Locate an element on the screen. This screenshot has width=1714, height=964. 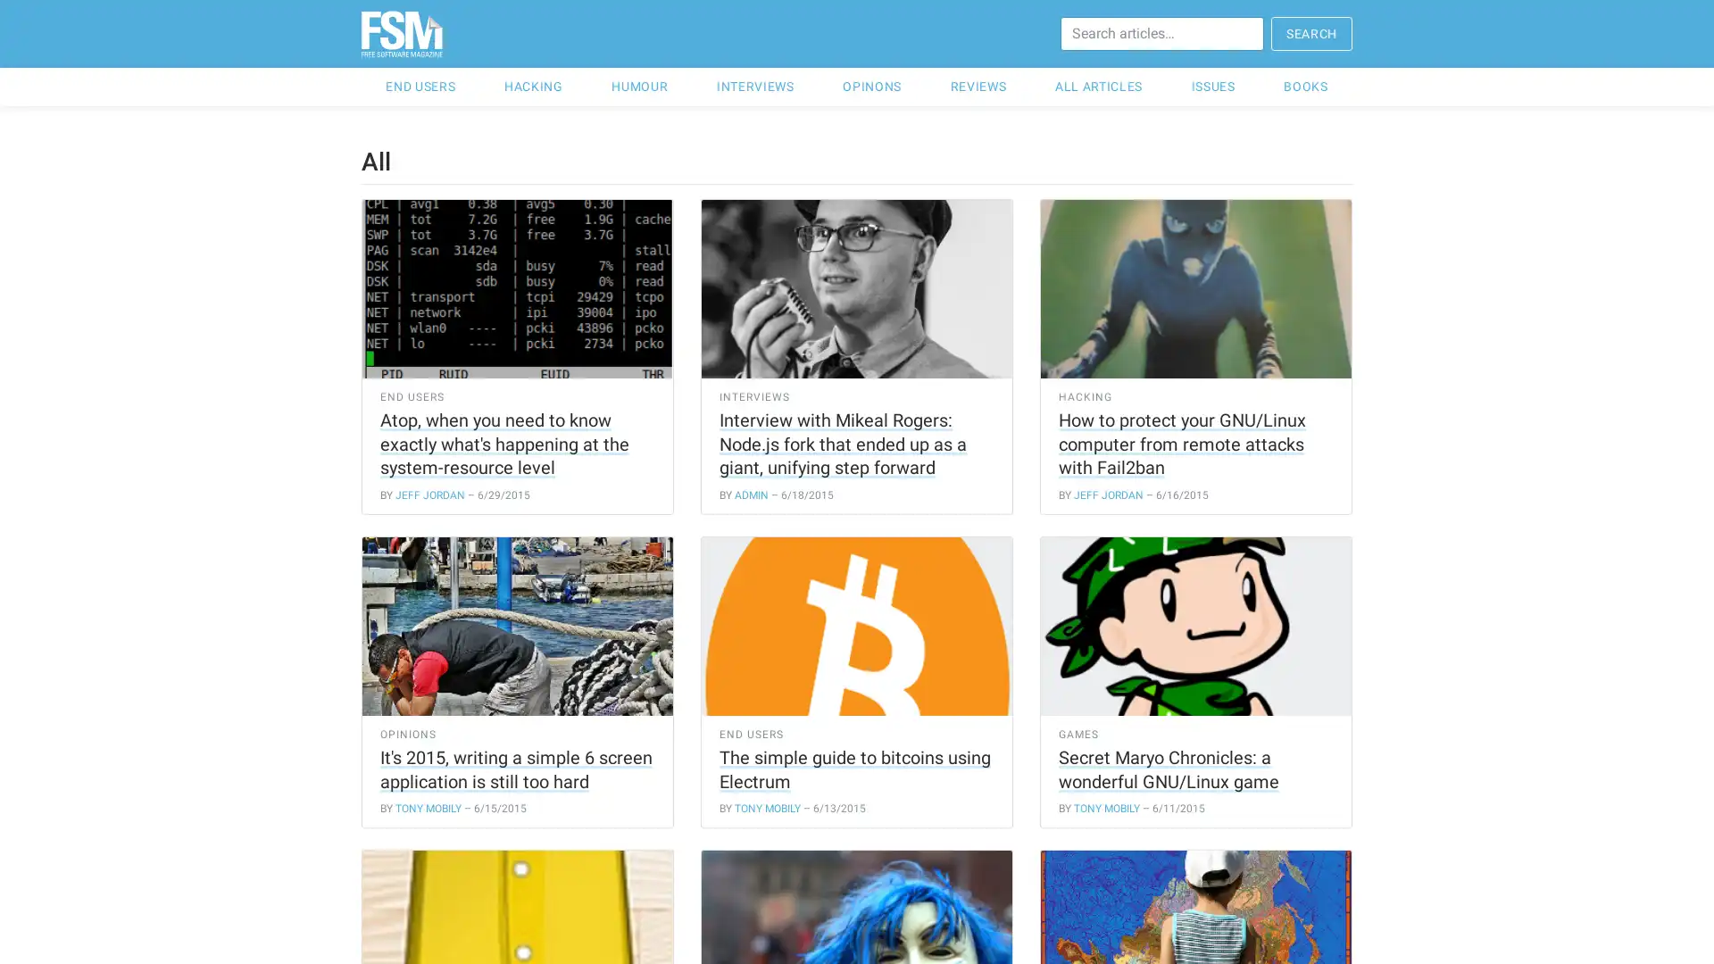
SEARCH is located at coordinates (1310, 33).